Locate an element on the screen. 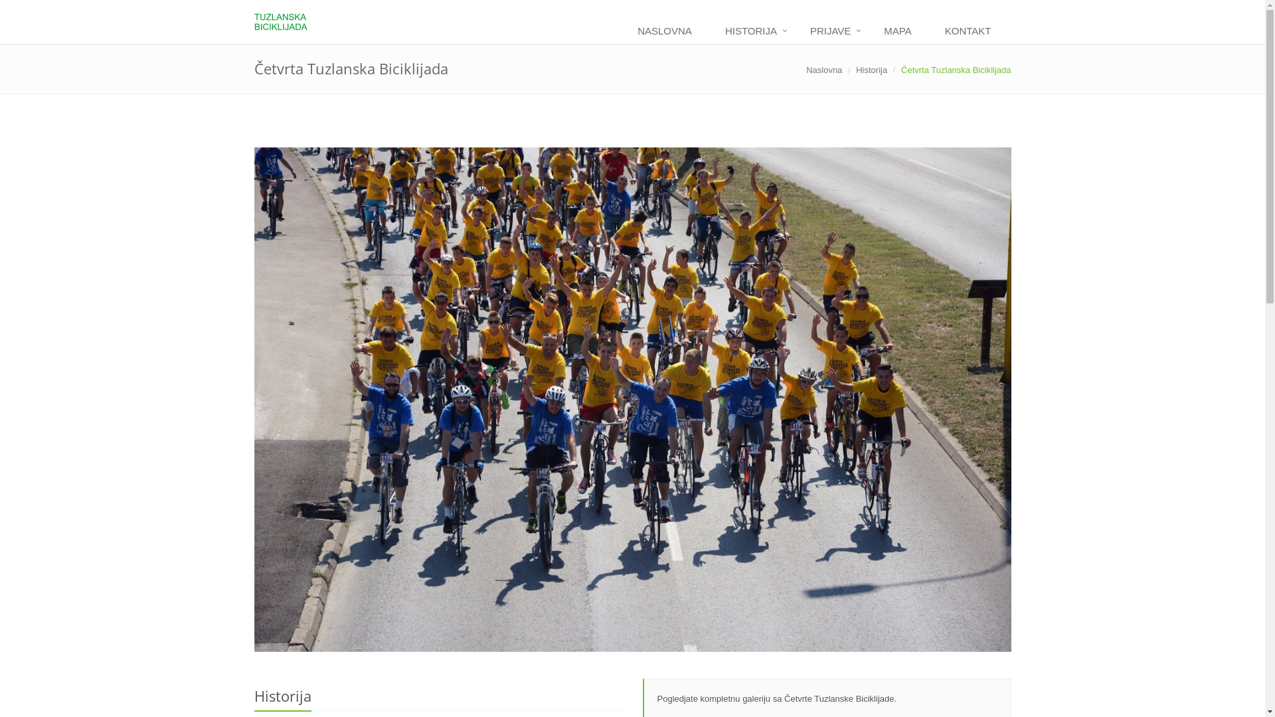 The width and height of the screenshot is (1275, 717). 'MAPA' is located at coordinates (900, 31).